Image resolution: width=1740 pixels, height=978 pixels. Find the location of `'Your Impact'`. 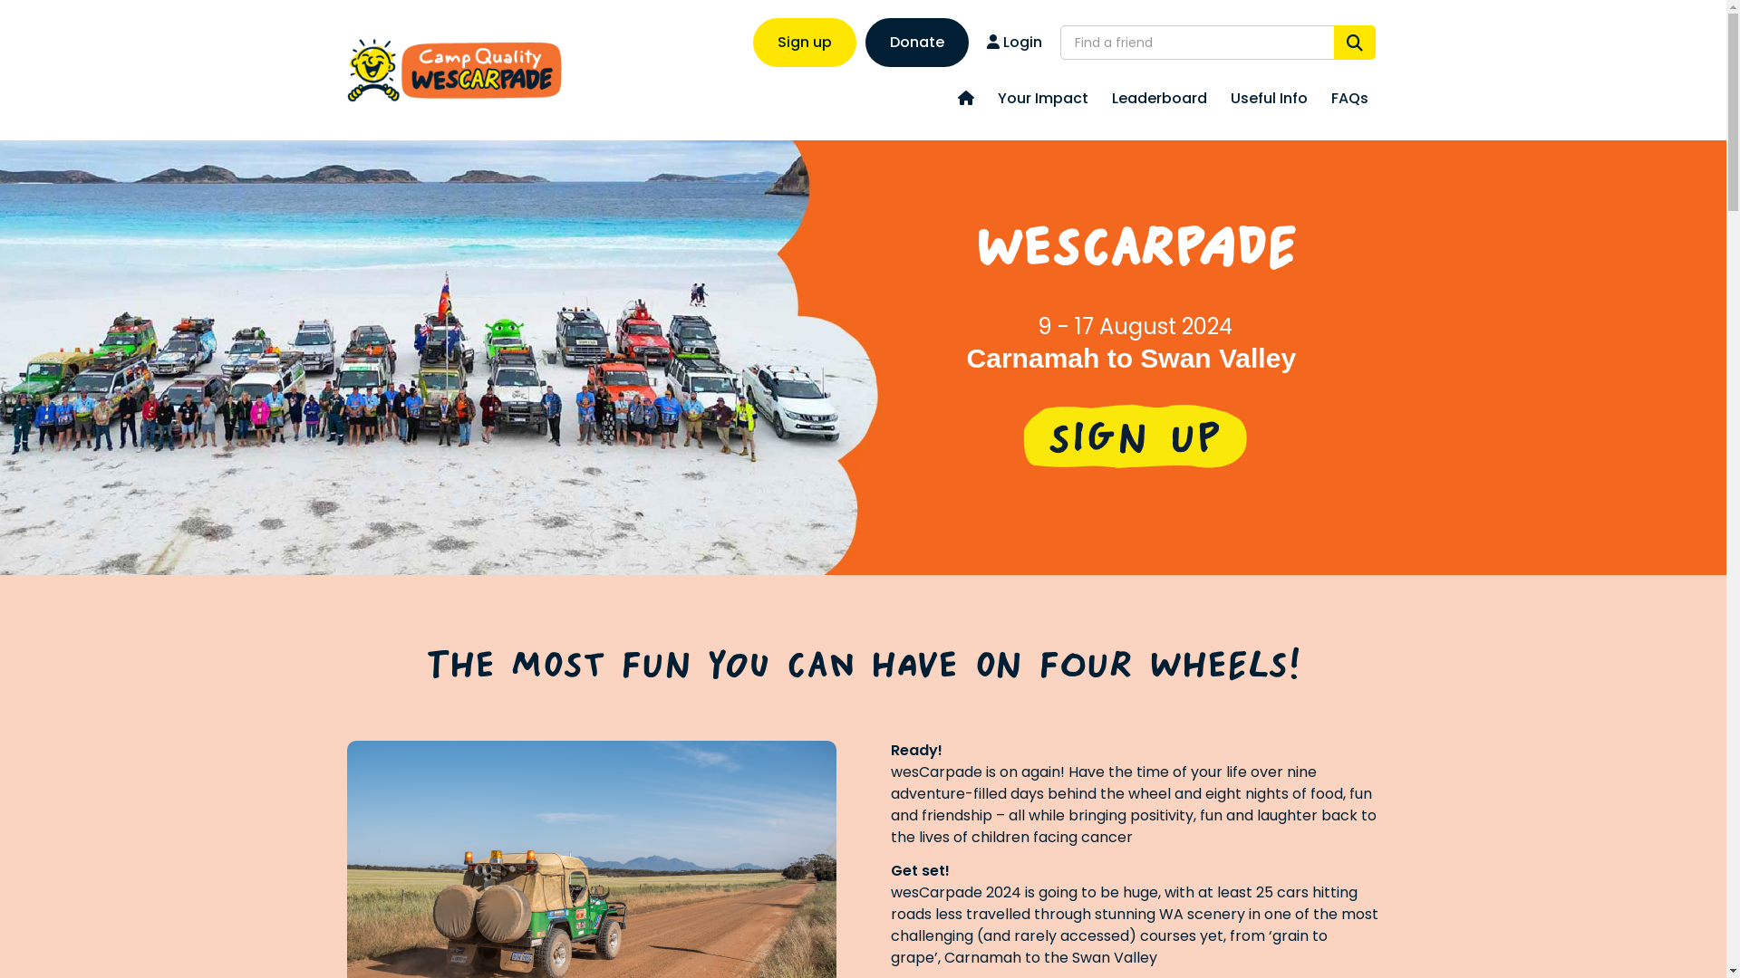

'Your Impact' is located at coordinates (1043, 99).